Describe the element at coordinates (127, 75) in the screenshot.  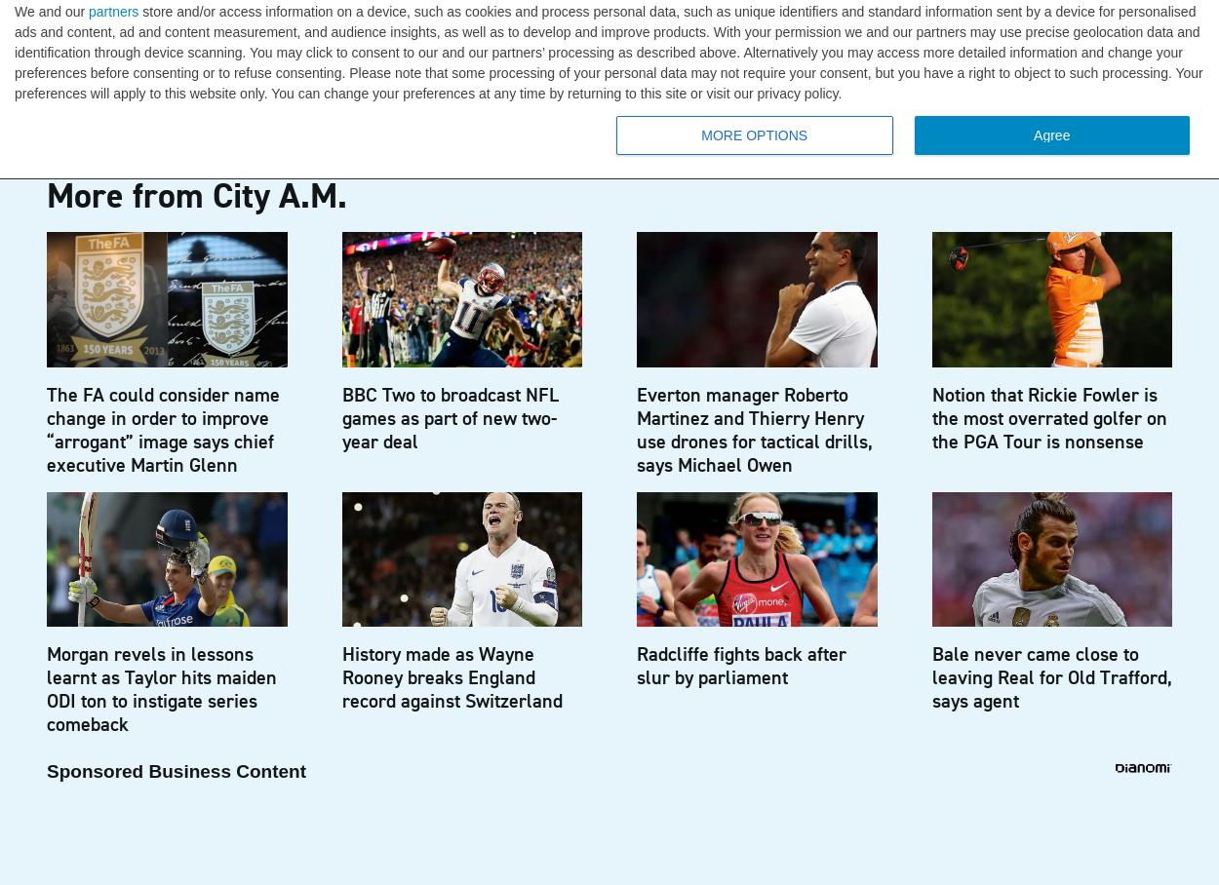
I see `'NULL'` at that location.